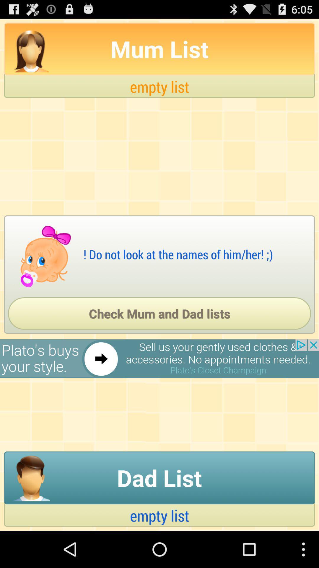  I want to click on advertisement area, so click(159, 358).